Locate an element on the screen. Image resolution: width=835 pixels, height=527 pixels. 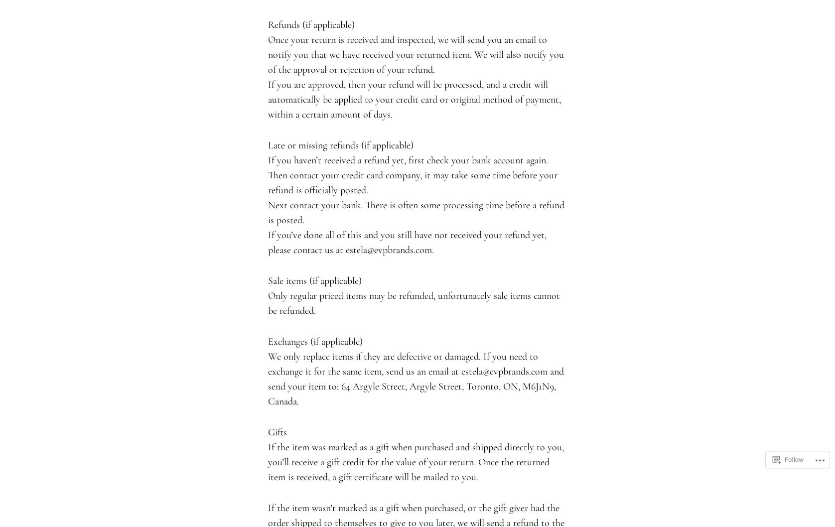
'Gifts' is located at coordinates (277, 431).